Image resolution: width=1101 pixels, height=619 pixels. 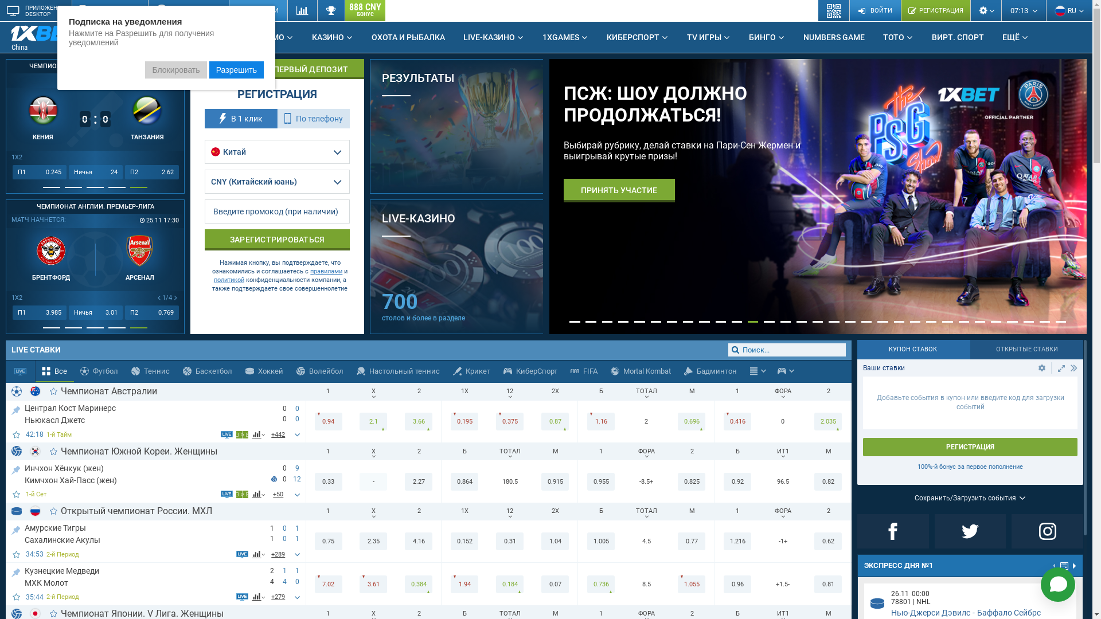 What do you see at coordinates (641, 371) in the screenshot?
I see `'Mortal Kombat'` at bounding box center [641, 371].